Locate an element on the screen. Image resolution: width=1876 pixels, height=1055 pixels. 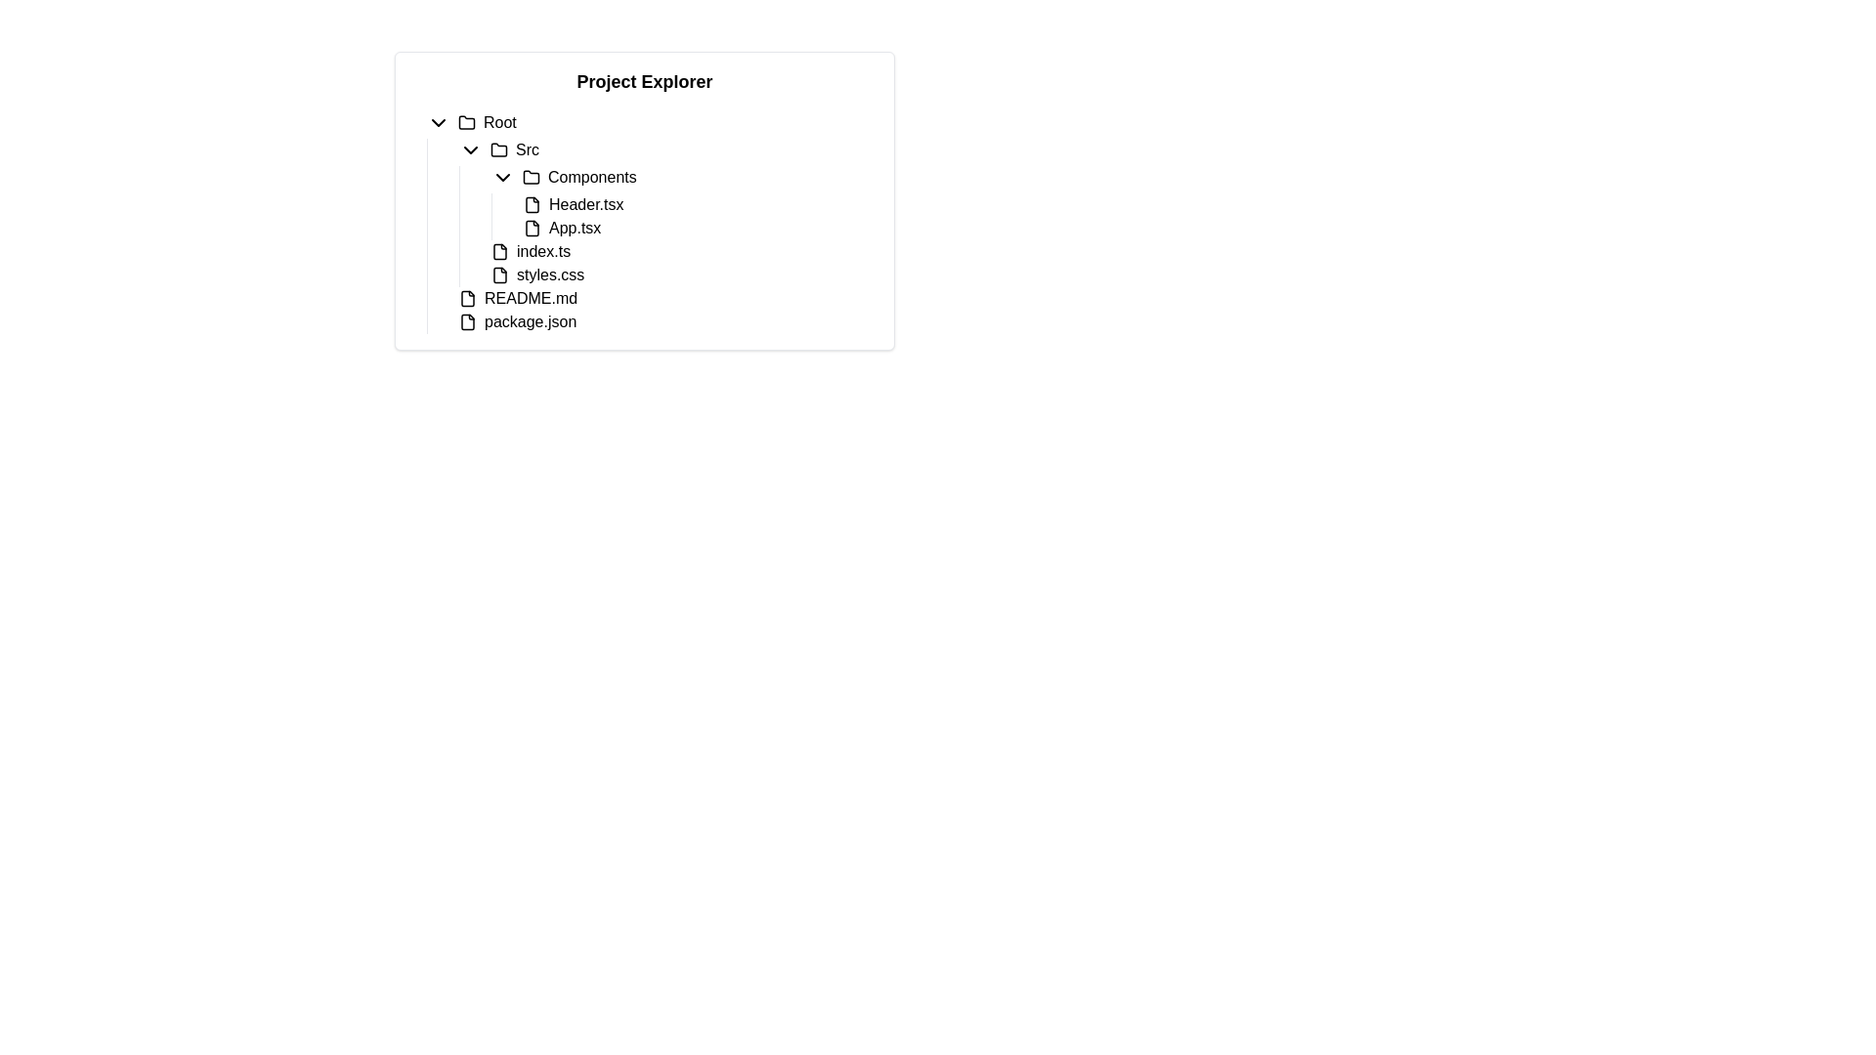
the tree node representing a listing in the 'Src' directory under the 'Components' folder is located at coordinates (668, 213).